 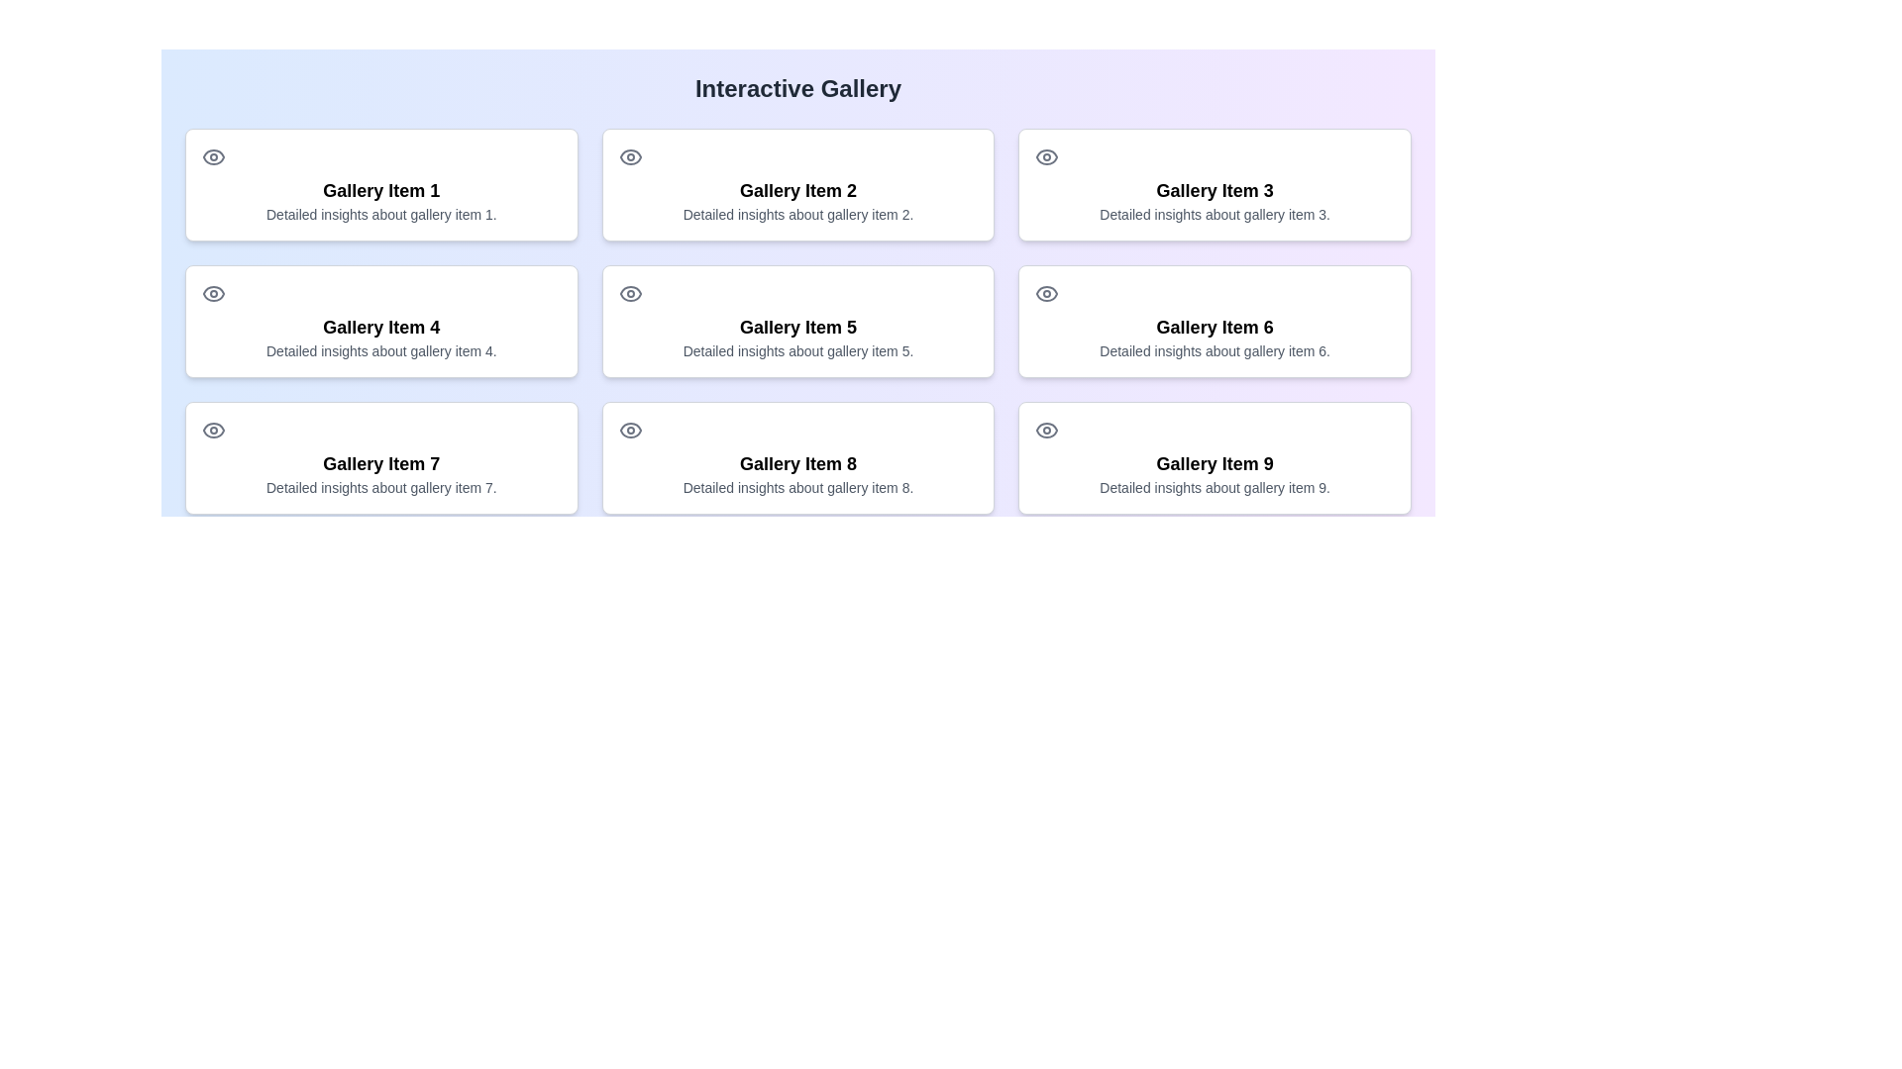 I want to click on the outer contour of the SVG eye icon located in the first gallery card labeled 'Gallery Item 1' in the 'Interactive Gallery' interface, so click(x=214, y=155).